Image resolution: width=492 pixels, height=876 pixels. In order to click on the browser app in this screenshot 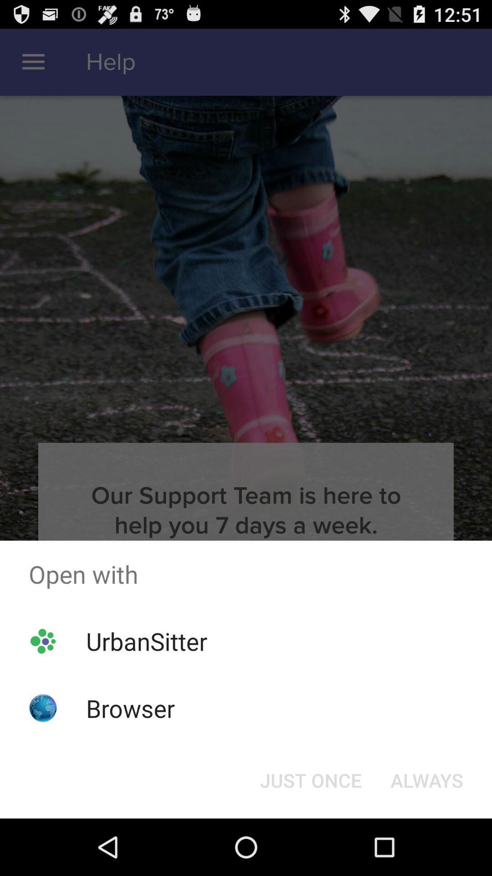, I will do `click(130, 708)`.